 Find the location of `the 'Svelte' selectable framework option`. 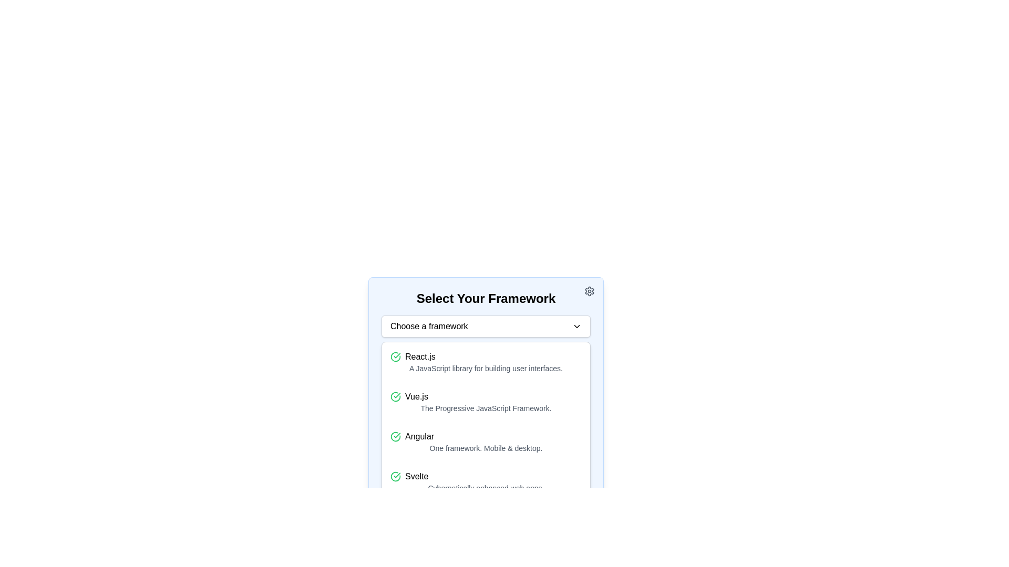

the 'Svelte' selectable framework option is located at coordinates (486, 476).